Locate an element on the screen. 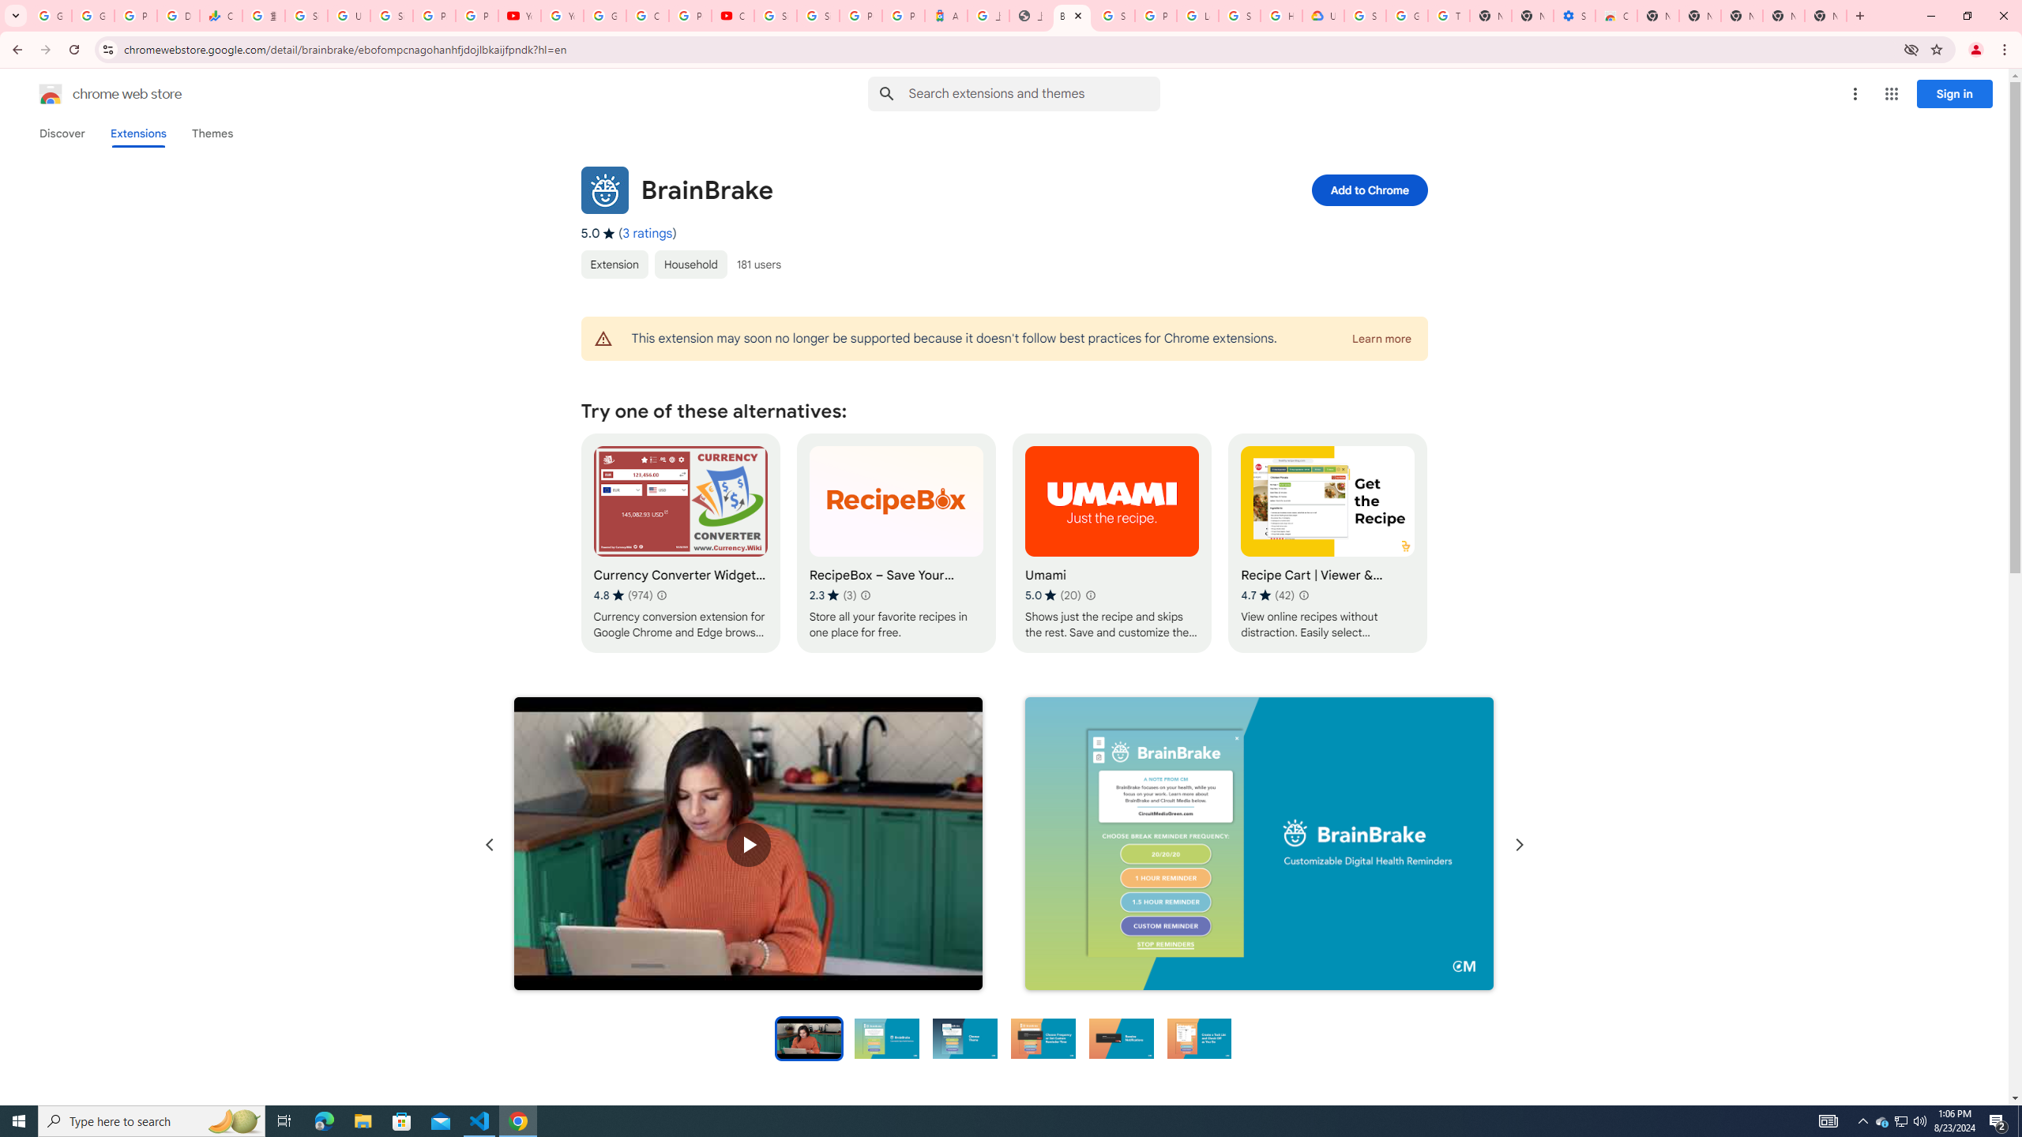  'Chrome Web Store - Accessibility extensions' is located at coordinates (1616, 15).